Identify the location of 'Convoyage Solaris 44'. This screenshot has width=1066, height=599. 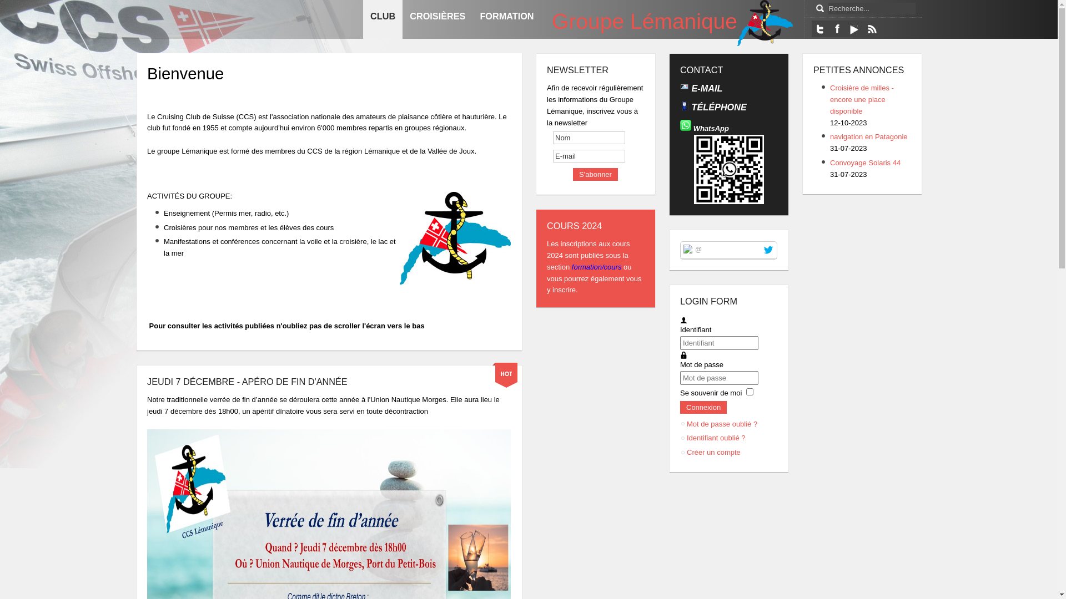
(864, 163).